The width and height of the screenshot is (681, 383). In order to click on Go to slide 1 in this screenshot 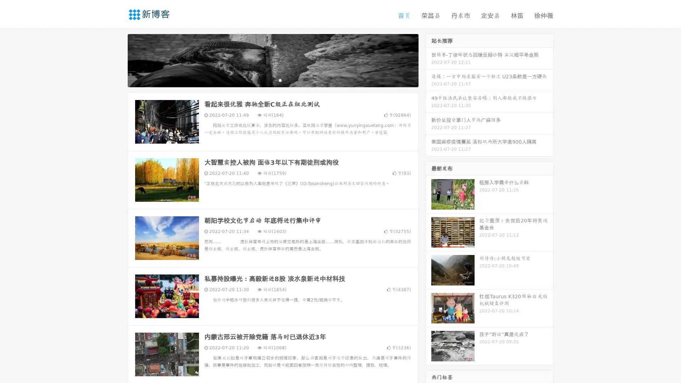, I will do `click(265, 80)`.